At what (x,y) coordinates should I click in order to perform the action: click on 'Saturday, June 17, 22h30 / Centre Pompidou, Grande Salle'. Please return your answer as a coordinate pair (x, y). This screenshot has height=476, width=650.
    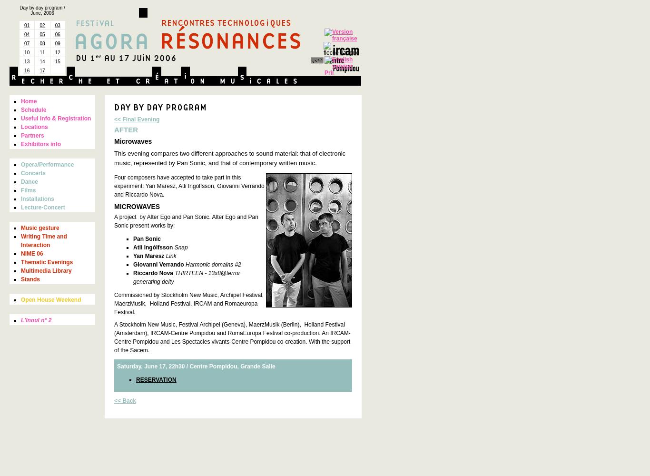
    Looking at the image, I should click on (195, 367).